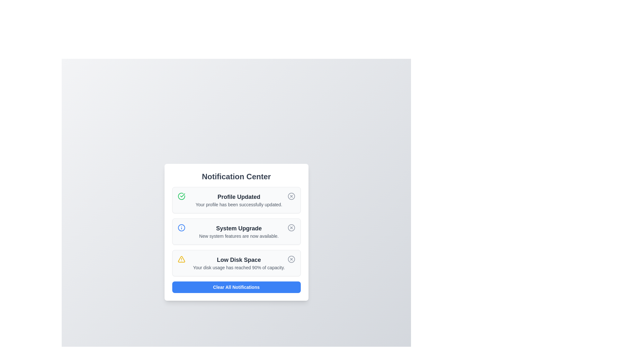  I want to click on the circular button with a gray border and a red 'X' symbol located at the top-right corner of the 'Low Disk Space' notification, so click(291, 259).